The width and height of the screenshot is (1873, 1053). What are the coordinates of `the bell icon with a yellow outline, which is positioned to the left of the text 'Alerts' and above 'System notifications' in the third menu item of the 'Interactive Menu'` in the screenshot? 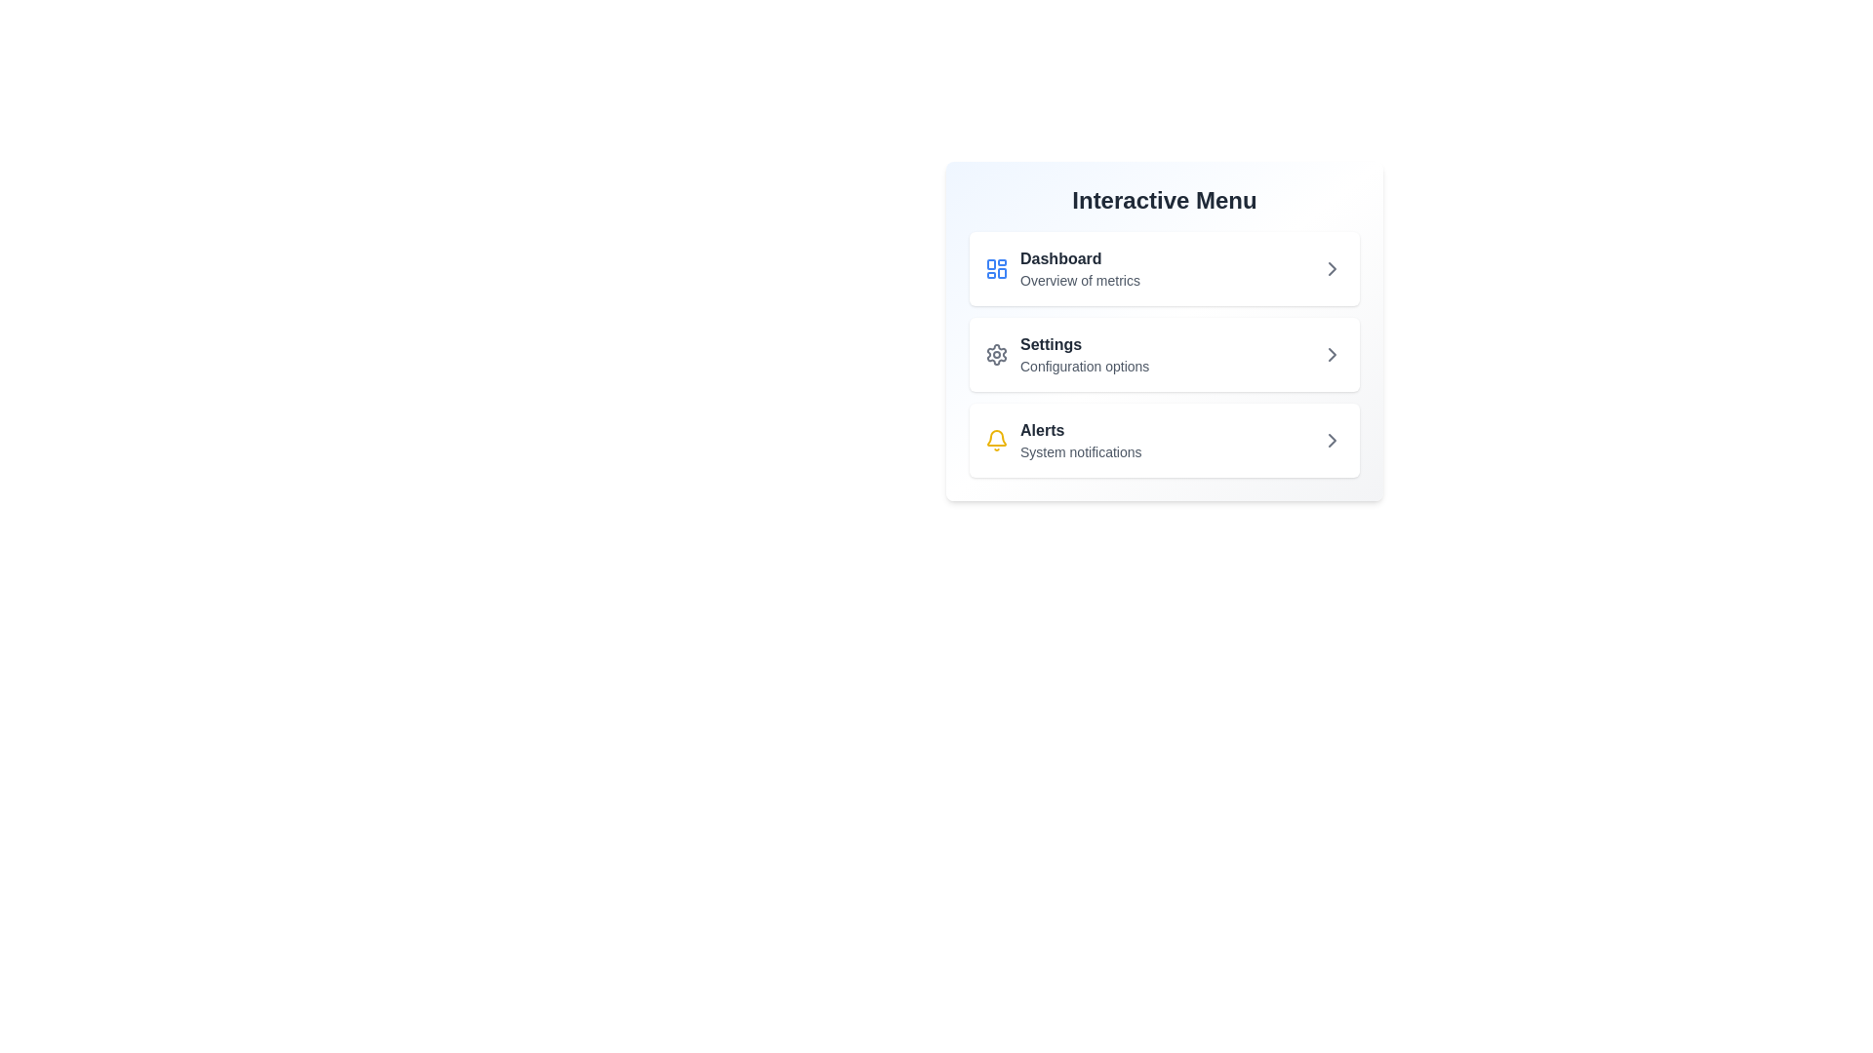 It's located at (997, 440).